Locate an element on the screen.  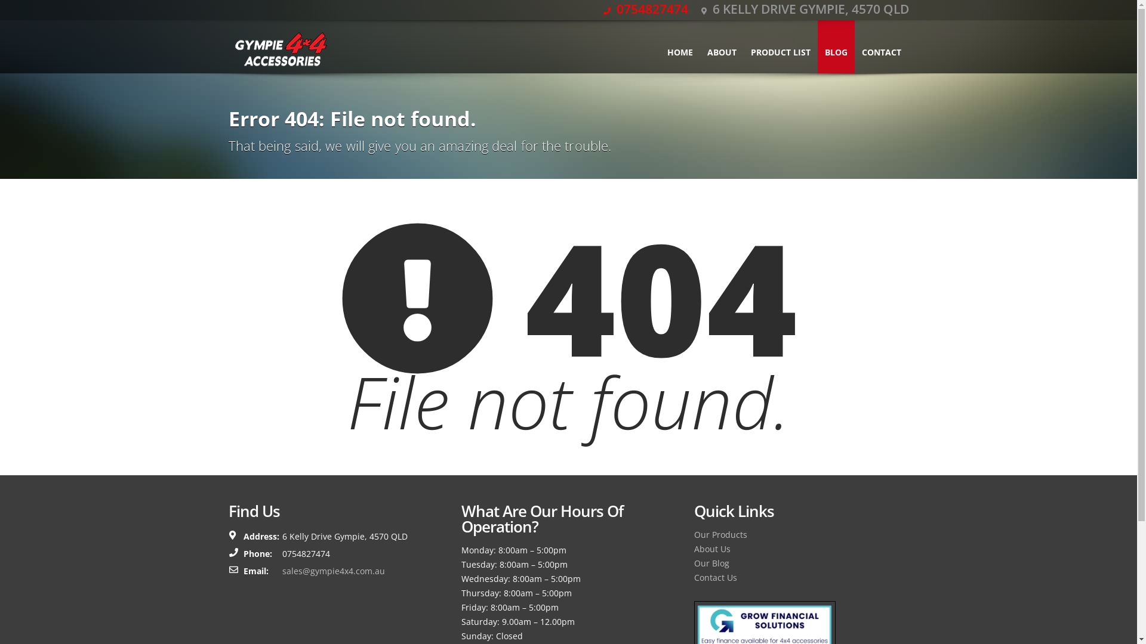
'ABOUT' is located at coordinates (720, 46).